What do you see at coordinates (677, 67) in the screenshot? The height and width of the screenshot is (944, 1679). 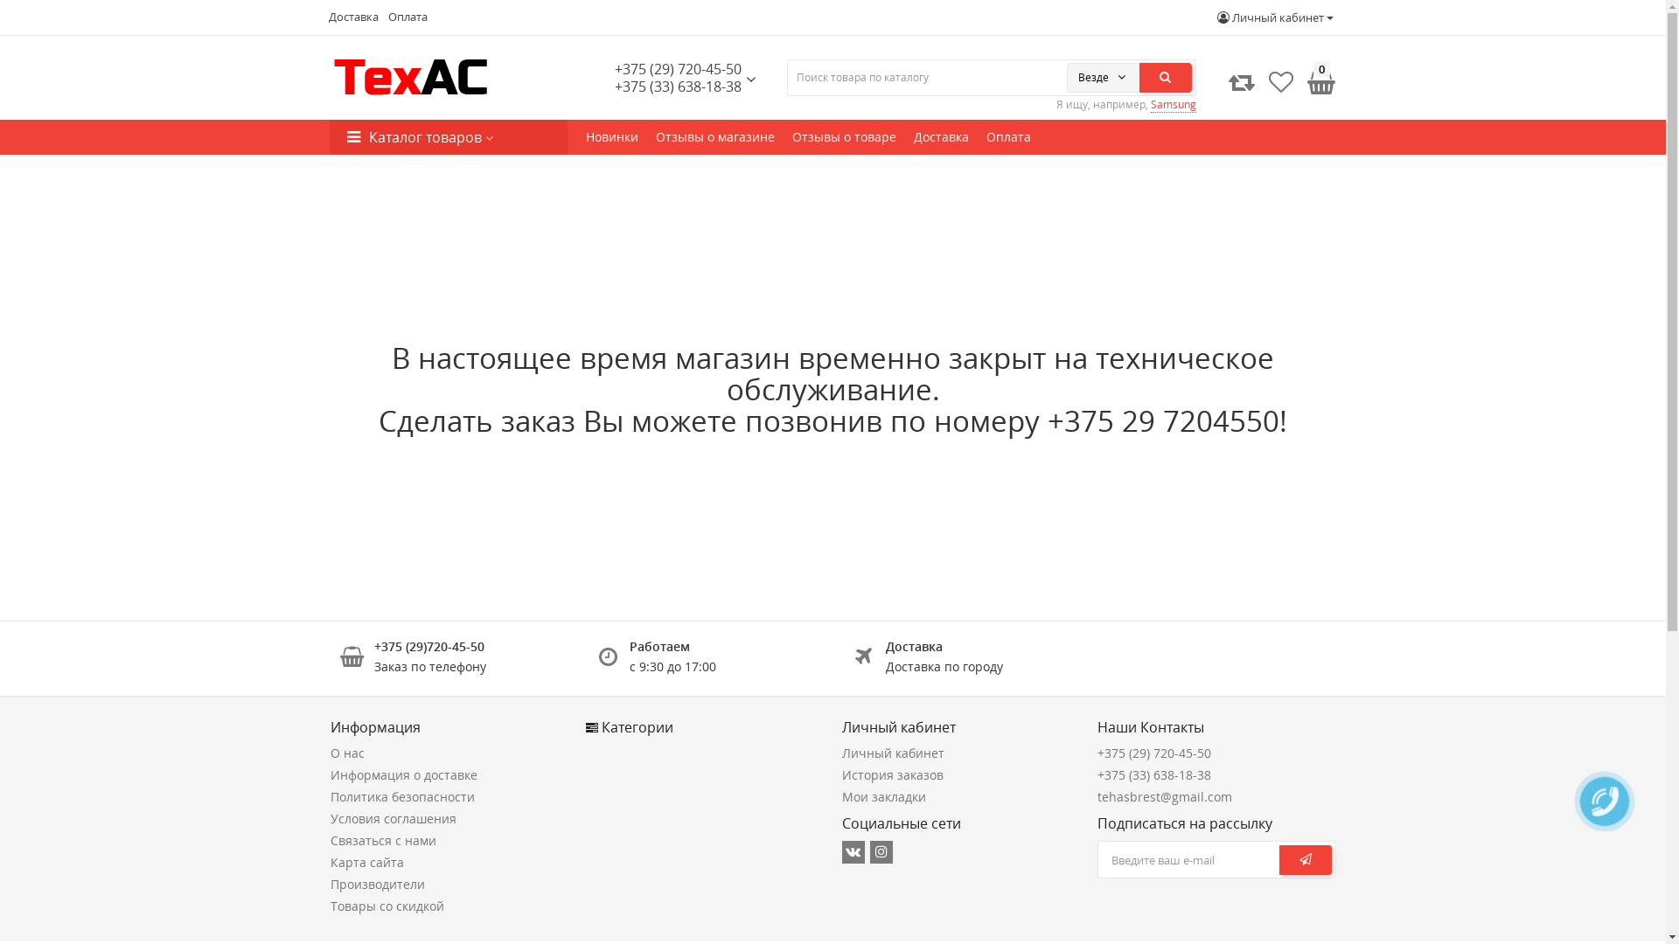 I see `'+375 (29) 720-45-50'` at bounding box center [677, 67].